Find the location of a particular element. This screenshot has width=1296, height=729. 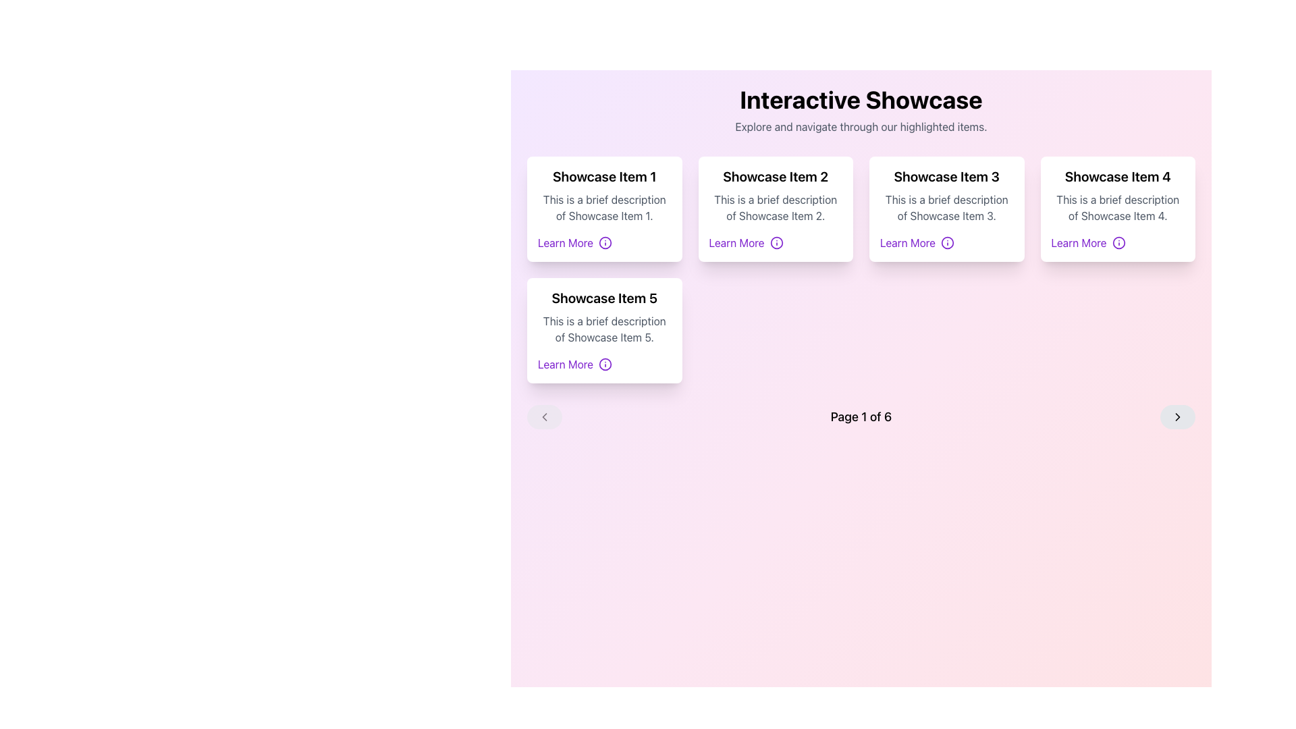

the decorative circle shape of the info icon located adjacent to the 'Learn More' link in the fourth showcase card on the second row is located at coordinates (1118, 242).